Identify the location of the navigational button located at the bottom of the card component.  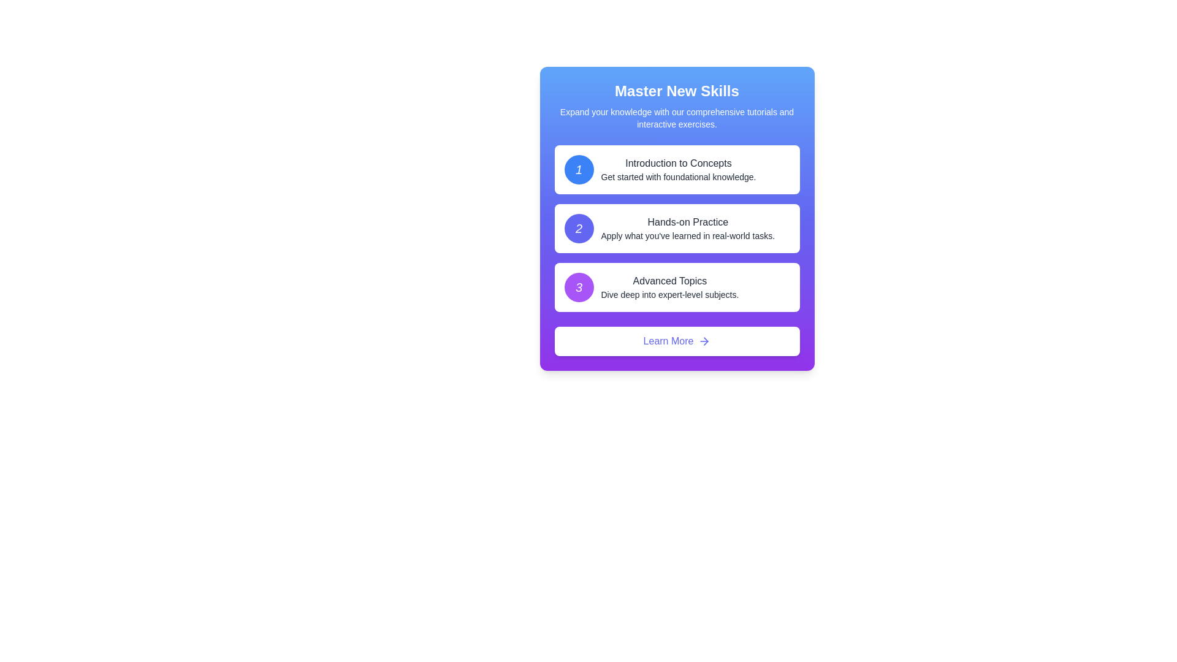
(676, 341).